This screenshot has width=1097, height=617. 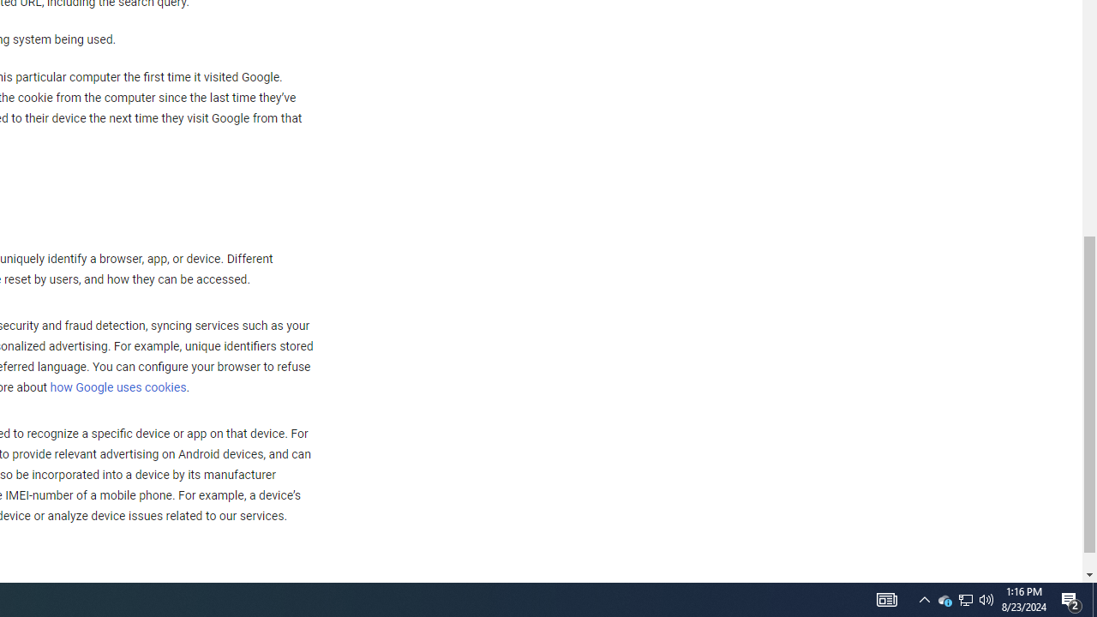 What do you see at coordinates (117, 388) in the screenshot?
I see `'how Google uses cookies'` at bounding box center [117, 388].